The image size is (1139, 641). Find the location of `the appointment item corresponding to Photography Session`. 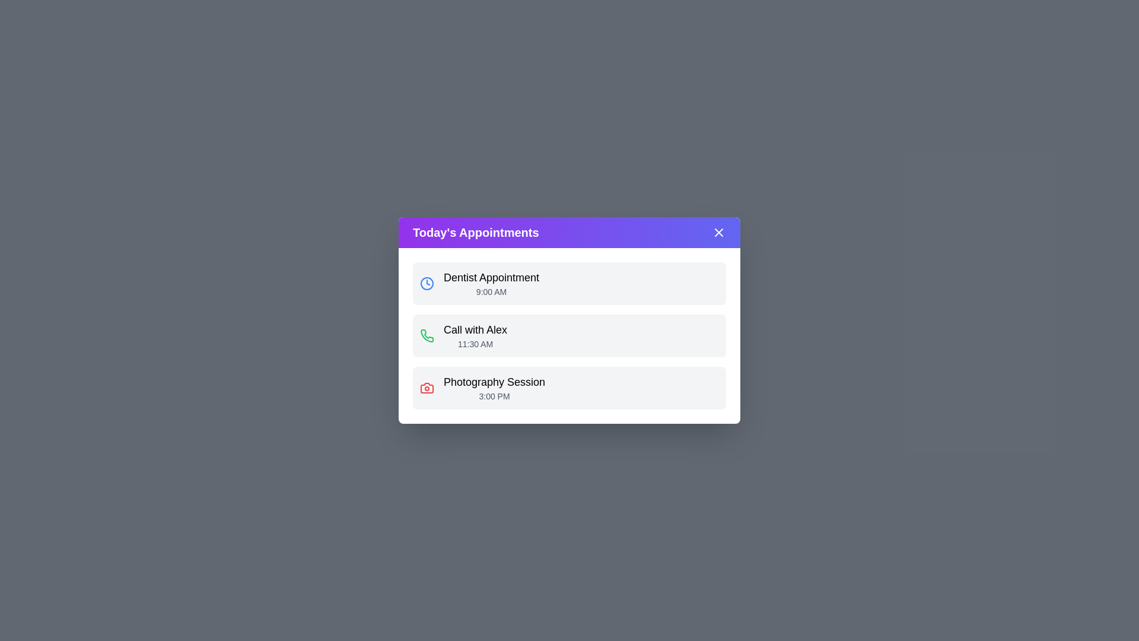

the appointment item corresponding to Photography Session is located at coordinates (569, 388).